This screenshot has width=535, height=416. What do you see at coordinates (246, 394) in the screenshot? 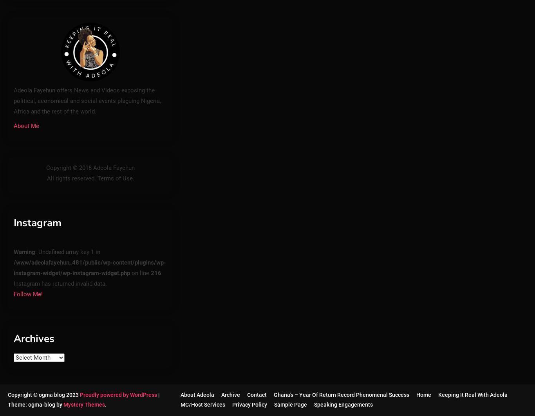
I see `'Contact'` at bounding box center [246, 394].